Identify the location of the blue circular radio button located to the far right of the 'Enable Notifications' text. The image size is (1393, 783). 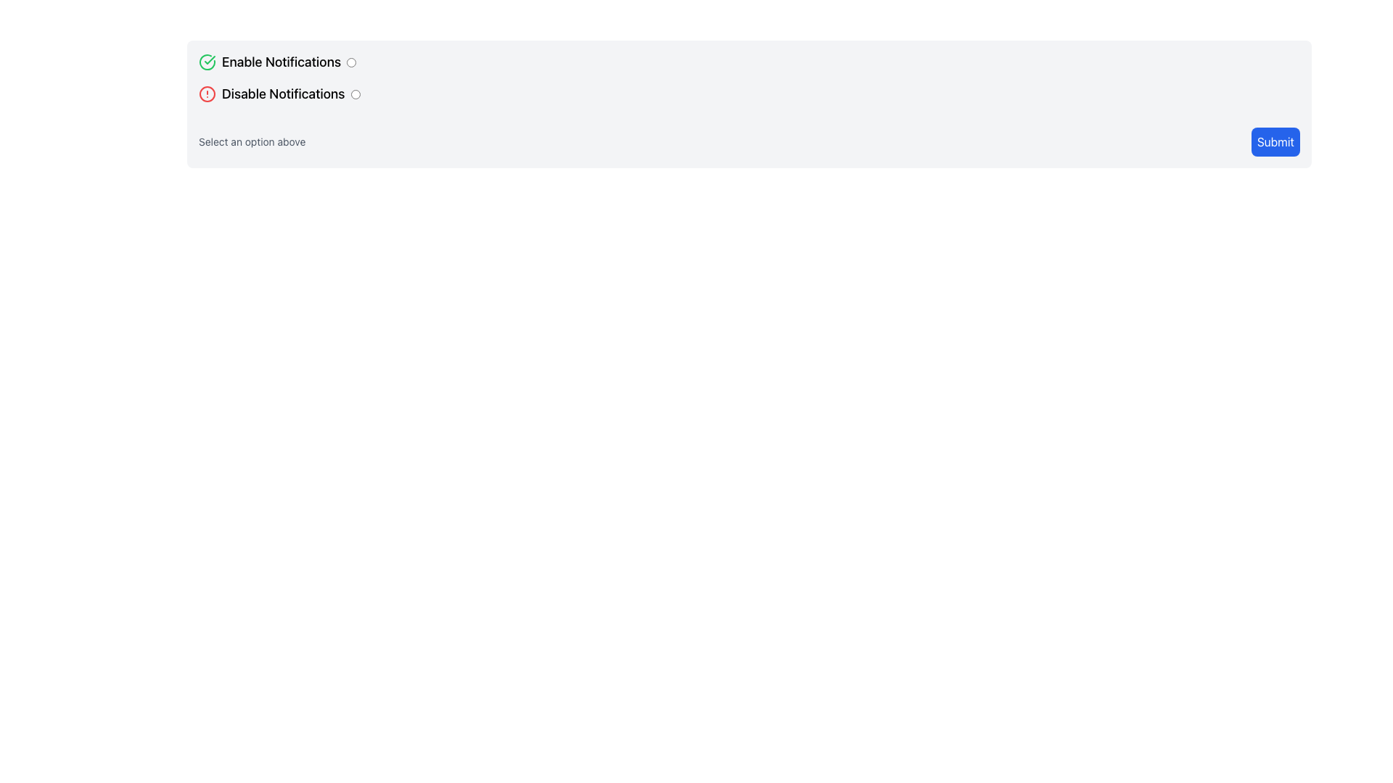
(351, 61).